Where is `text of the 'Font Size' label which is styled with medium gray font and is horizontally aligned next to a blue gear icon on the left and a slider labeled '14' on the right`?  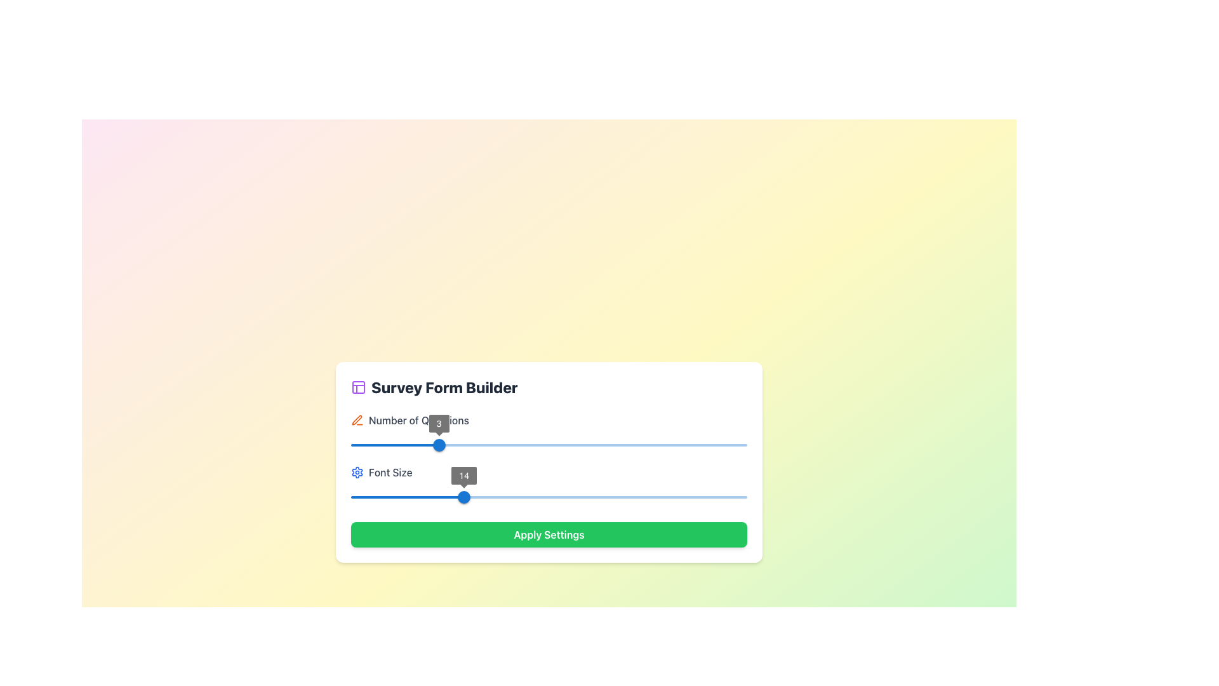 text of the 'Font Size' label which is styled with medium gray font and is horizontally aligned next to a blue gear icon on the left and a slider labeled '14' on the right is located at coordinates (549, 473).